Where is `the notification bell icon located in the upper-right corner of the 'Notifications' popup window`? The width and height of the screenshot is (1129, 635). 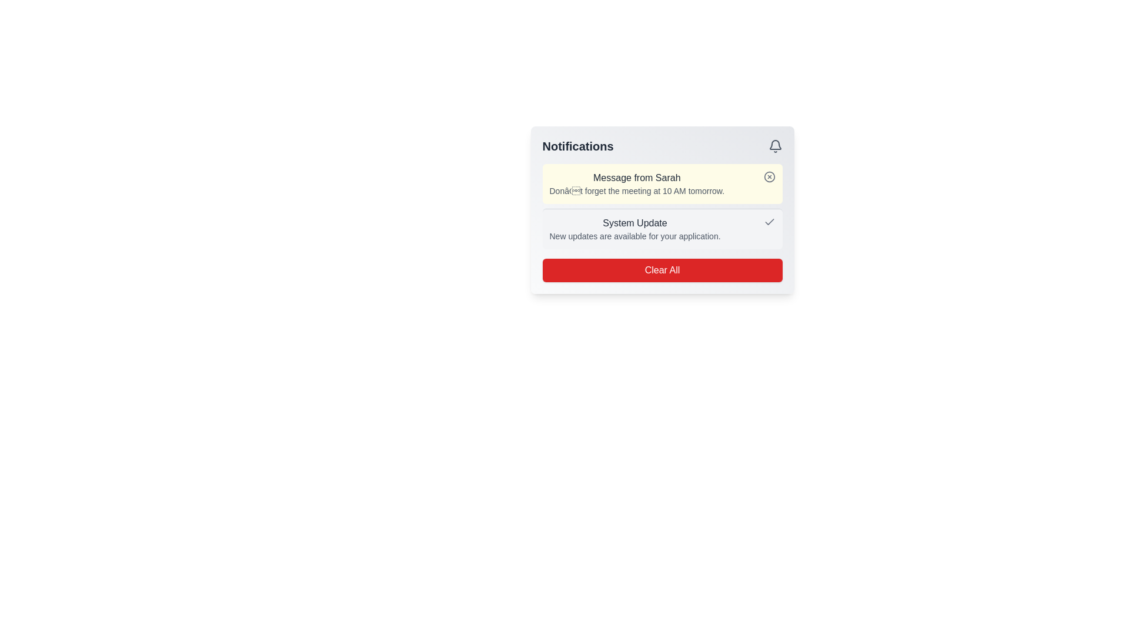
the notification bell icon located in the upper-right corner of the 'Notifications' popup window is located at coordinates (775, 144).